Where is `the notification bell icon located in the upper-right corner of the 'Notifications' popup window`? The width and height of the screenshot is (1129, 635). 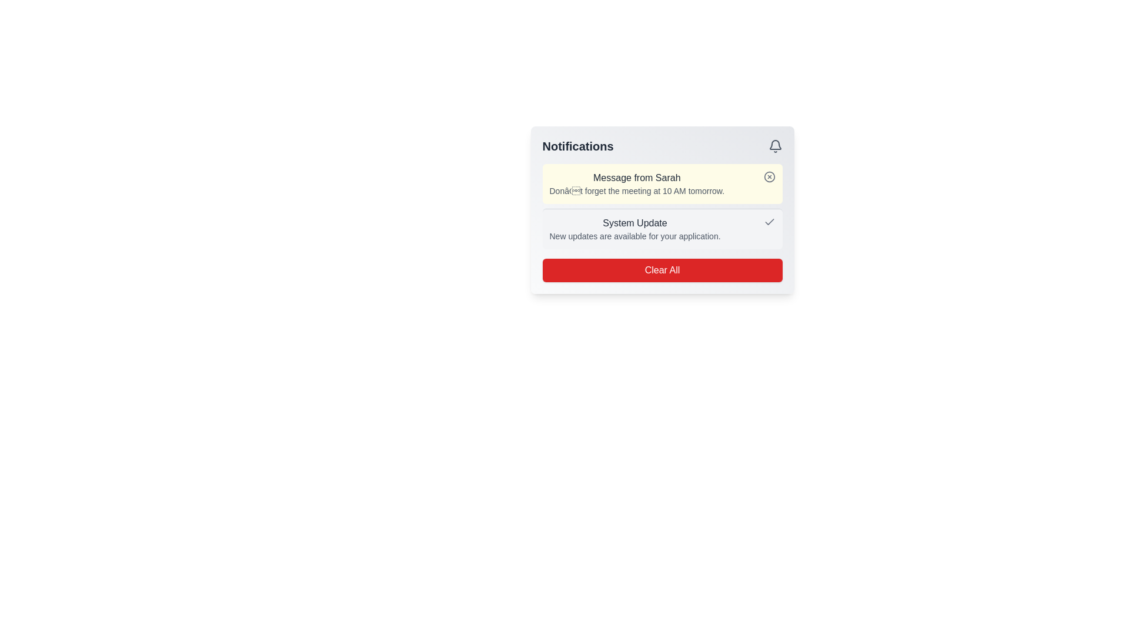
the notification bell icon located in the upper-right corner of the 'Notifications' popup window is located at coordinates (775, 144).